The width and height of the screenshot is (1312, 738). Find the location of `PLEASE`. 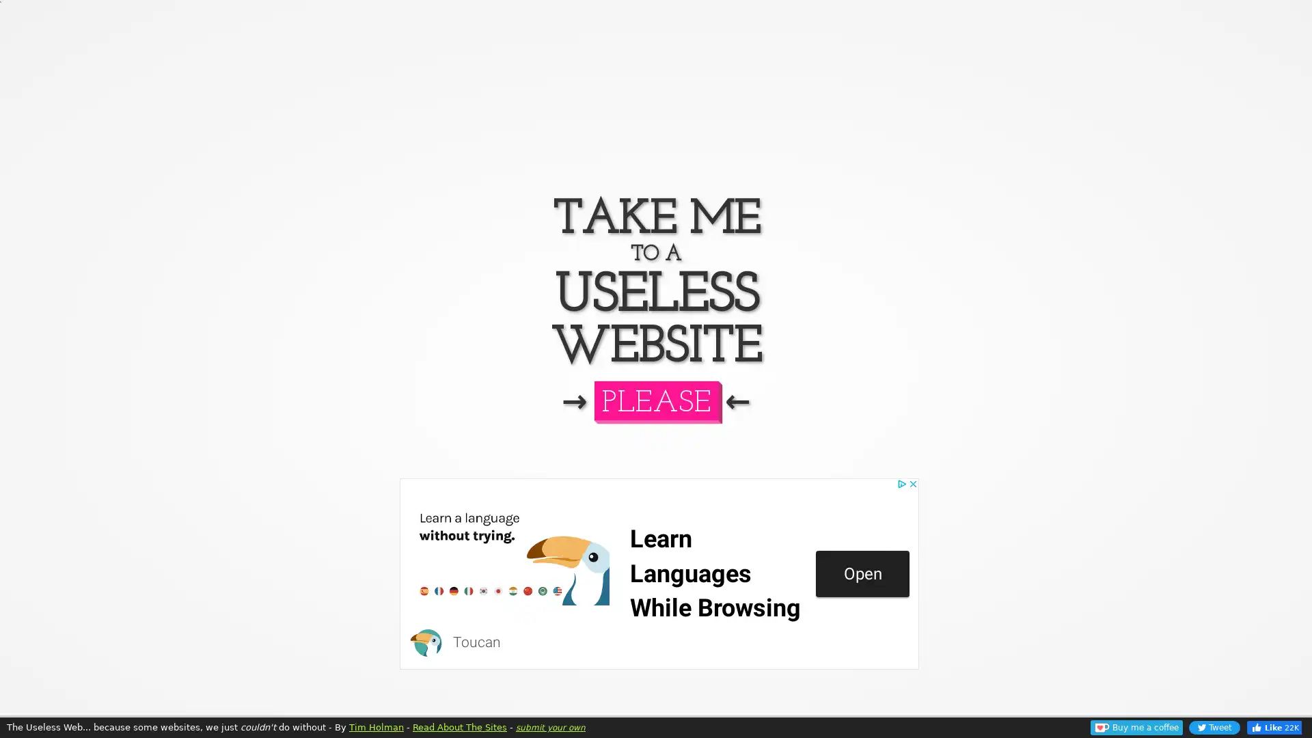

PLEASE is located at coordinates (655, 400).